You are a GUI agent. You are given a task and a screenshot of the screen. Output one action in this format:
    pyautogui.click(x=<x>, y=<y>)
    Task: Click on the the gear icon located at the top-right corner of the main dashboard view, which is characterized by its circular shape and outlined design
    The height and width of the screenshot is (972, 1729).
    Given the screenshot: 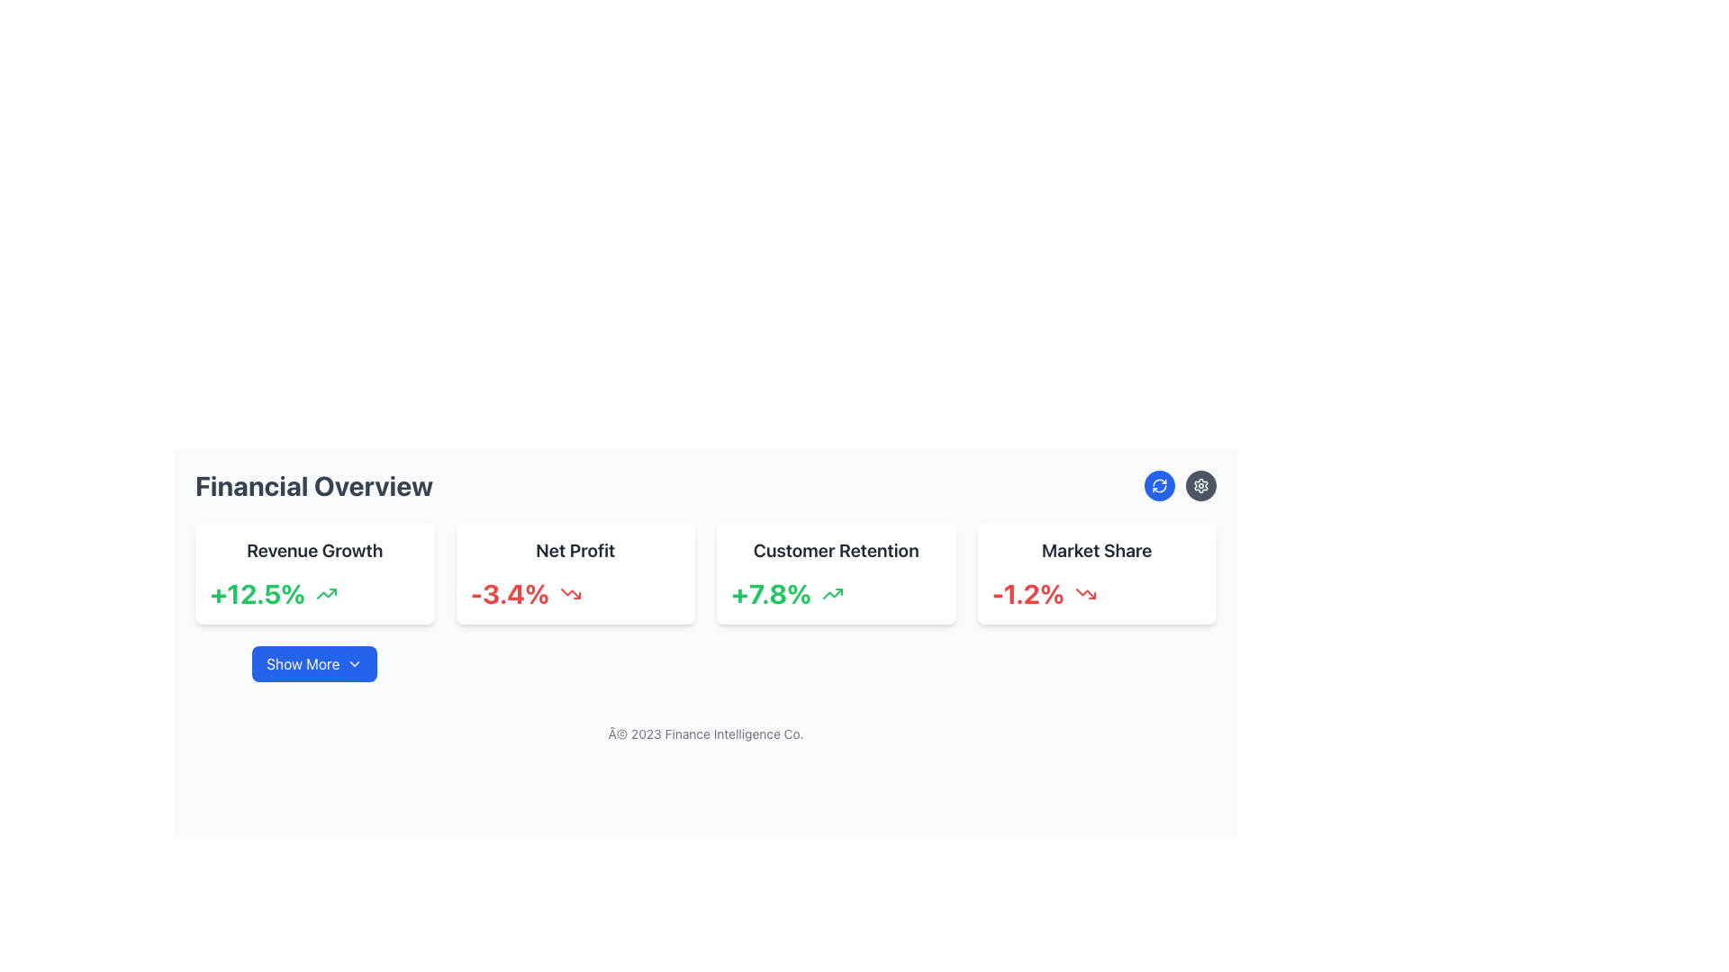 What is the action you would take?
    pyautogui.click(x=1201, y=486)
    